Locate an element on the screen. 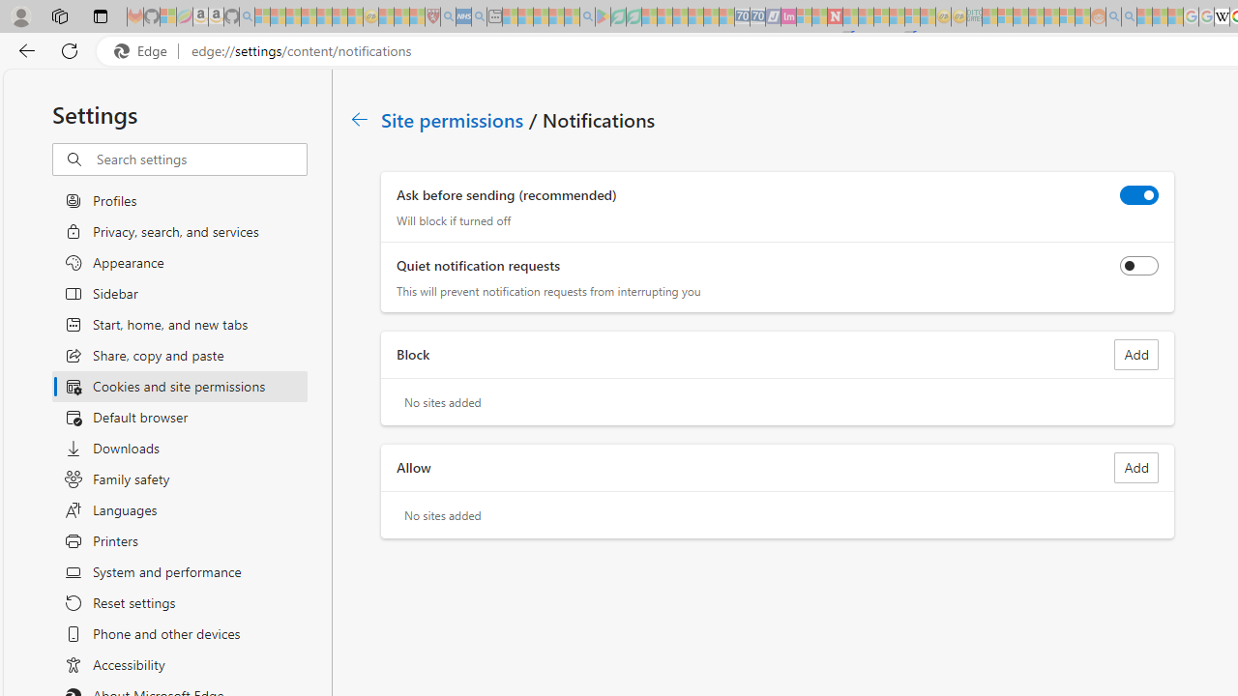  'Bluey: Let' is located at coordinates (602, 16).